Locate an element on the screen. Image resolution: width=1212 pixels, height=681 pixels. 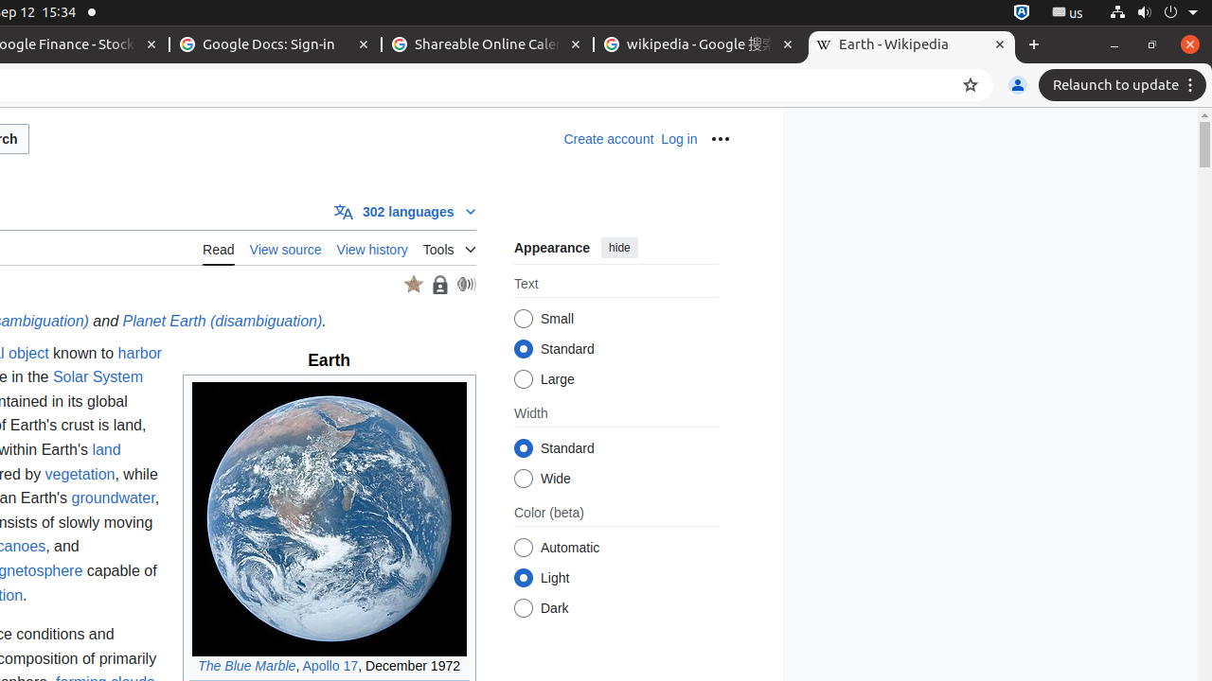
'The Blue Marble' is located at coordinates (245, 664).